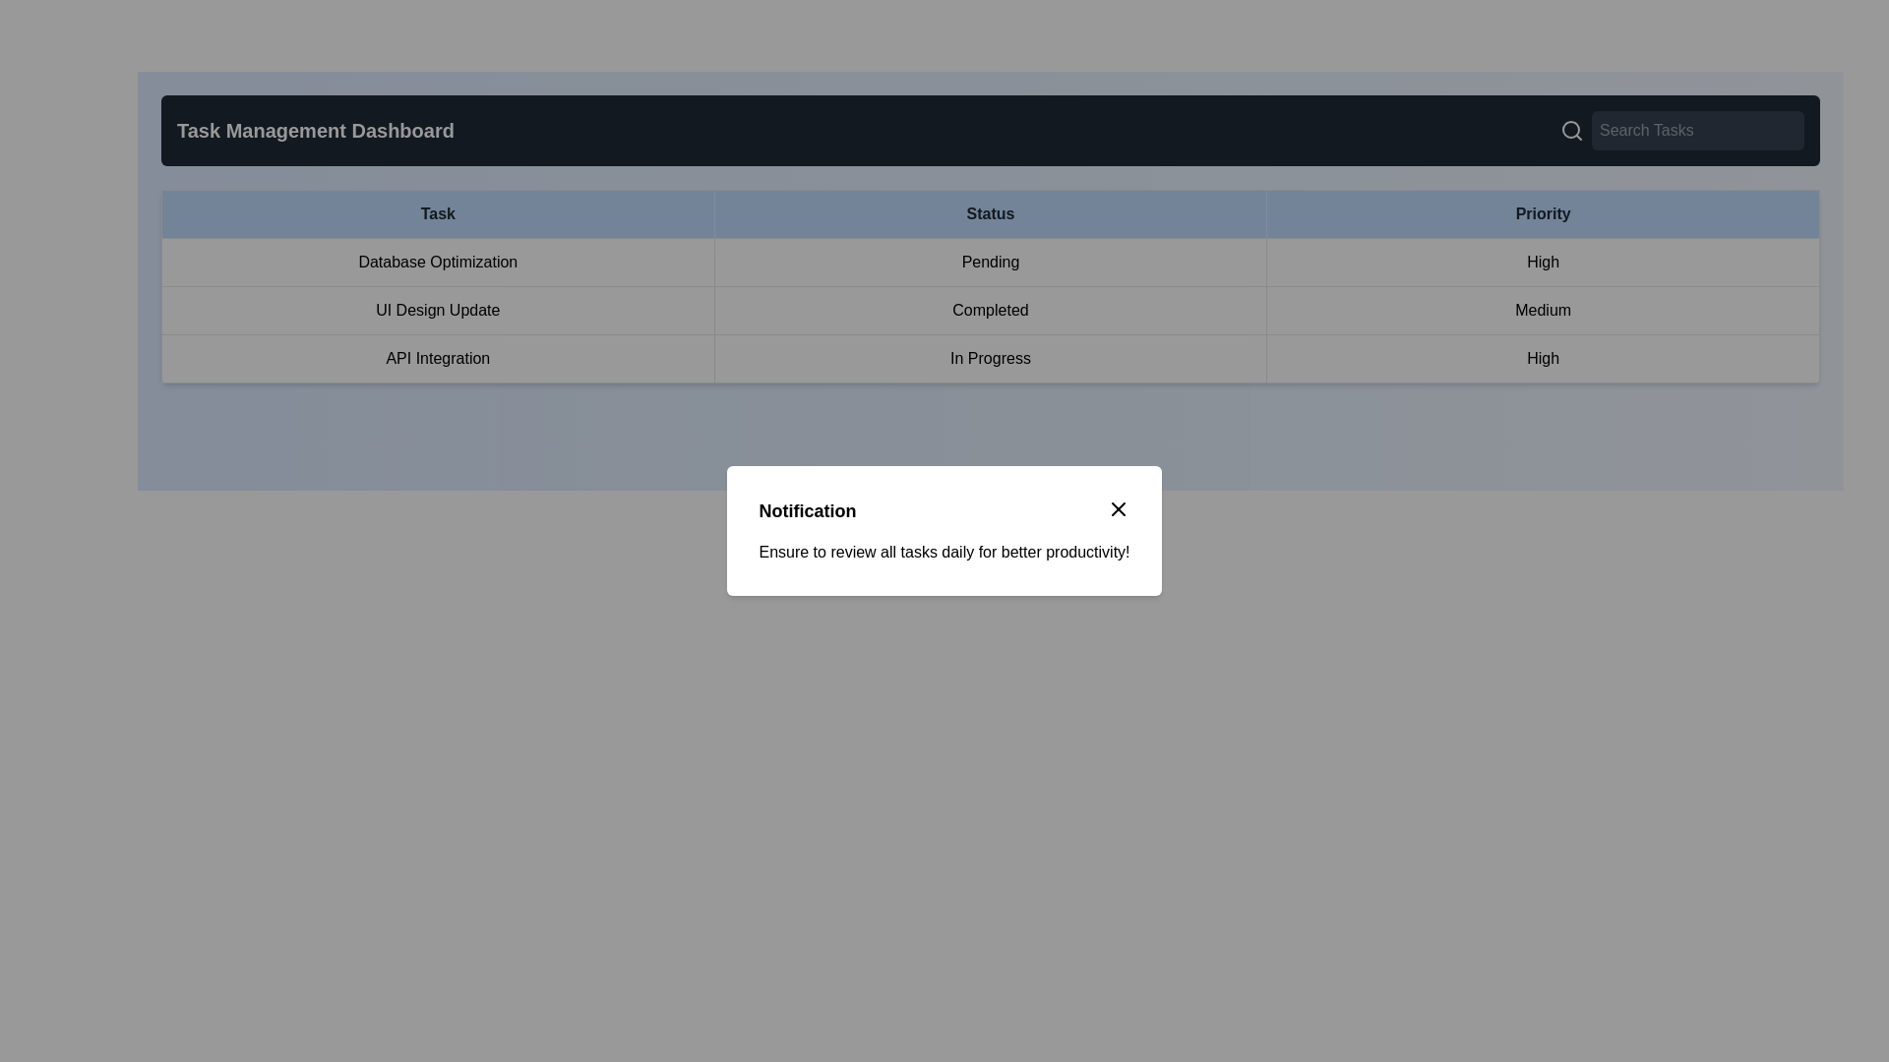  I want to click on displayed text 'UI Design Update' from the Text Display Field located in the second row of the table under the 'Task' column, so click(437, 310).